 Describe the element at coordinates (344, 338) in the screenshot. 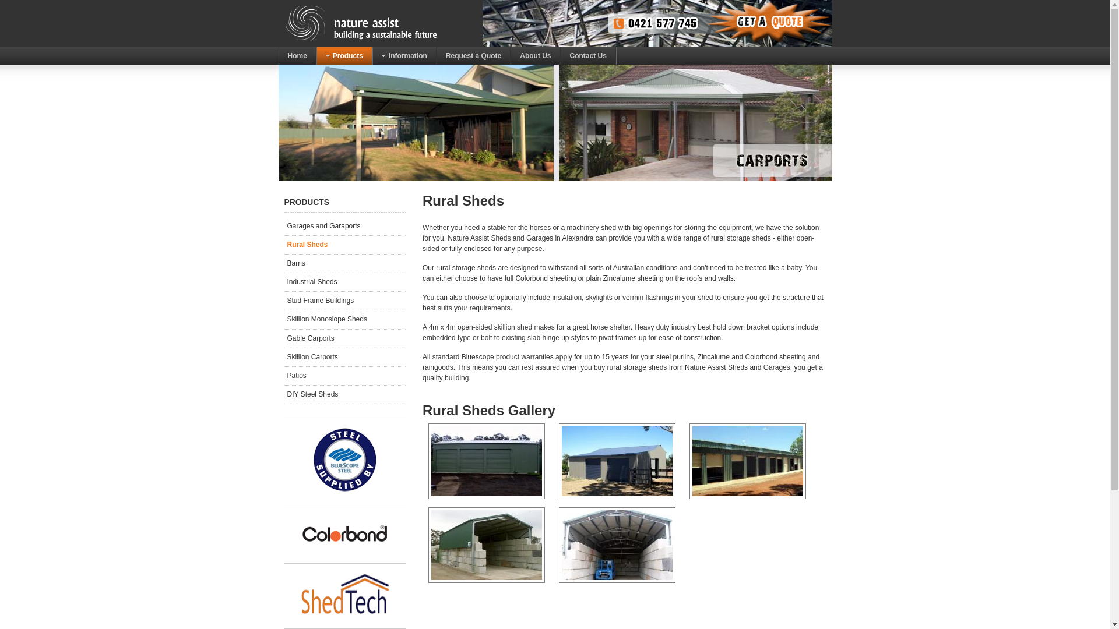

I see `'Gable Carports'` at that location.